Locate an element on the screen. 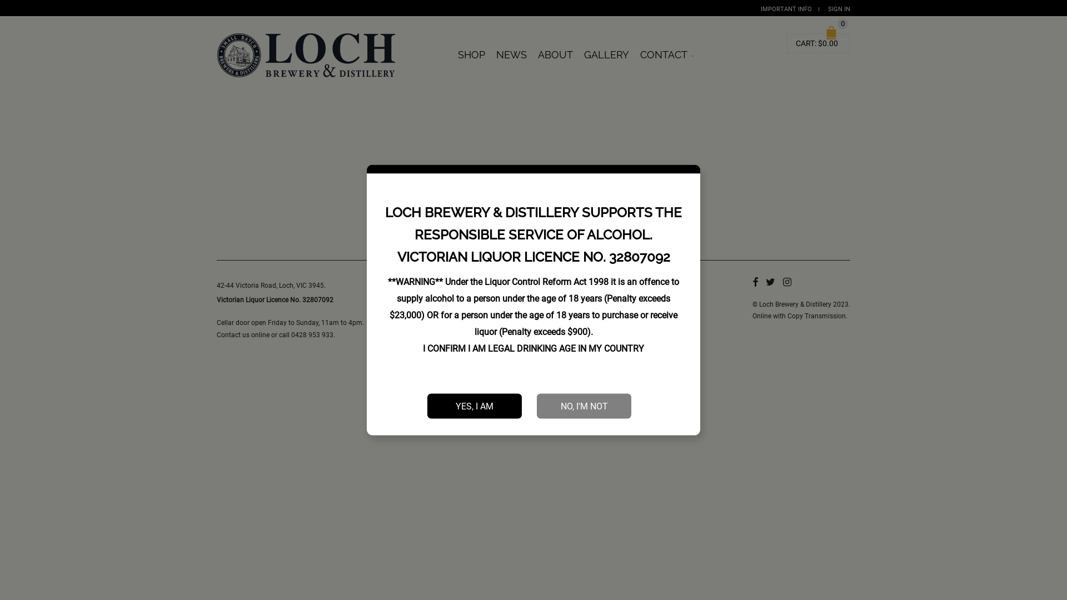  'GALLERY' is located at coordinates (606, 55).